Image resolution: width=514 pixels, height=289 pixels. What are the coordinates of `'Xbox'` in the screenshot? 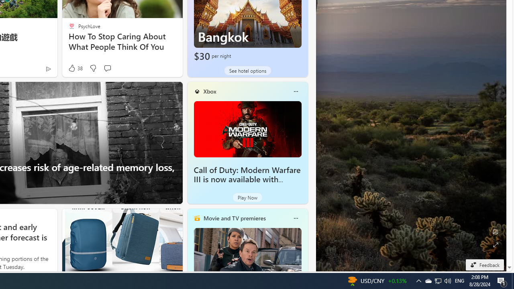 It's located at (210, 91).